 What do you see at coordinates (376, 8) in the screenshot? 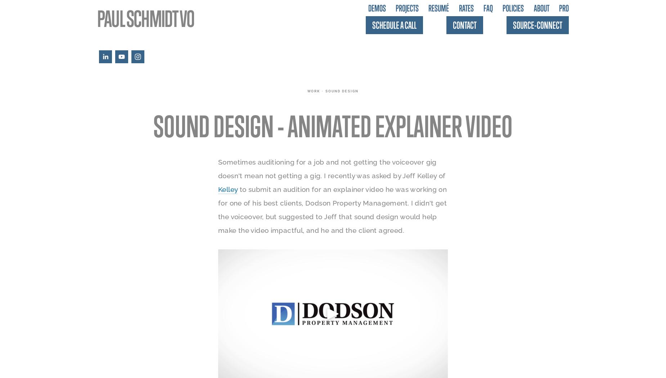
I see `'Demos'` at bounding box center [376, 8].